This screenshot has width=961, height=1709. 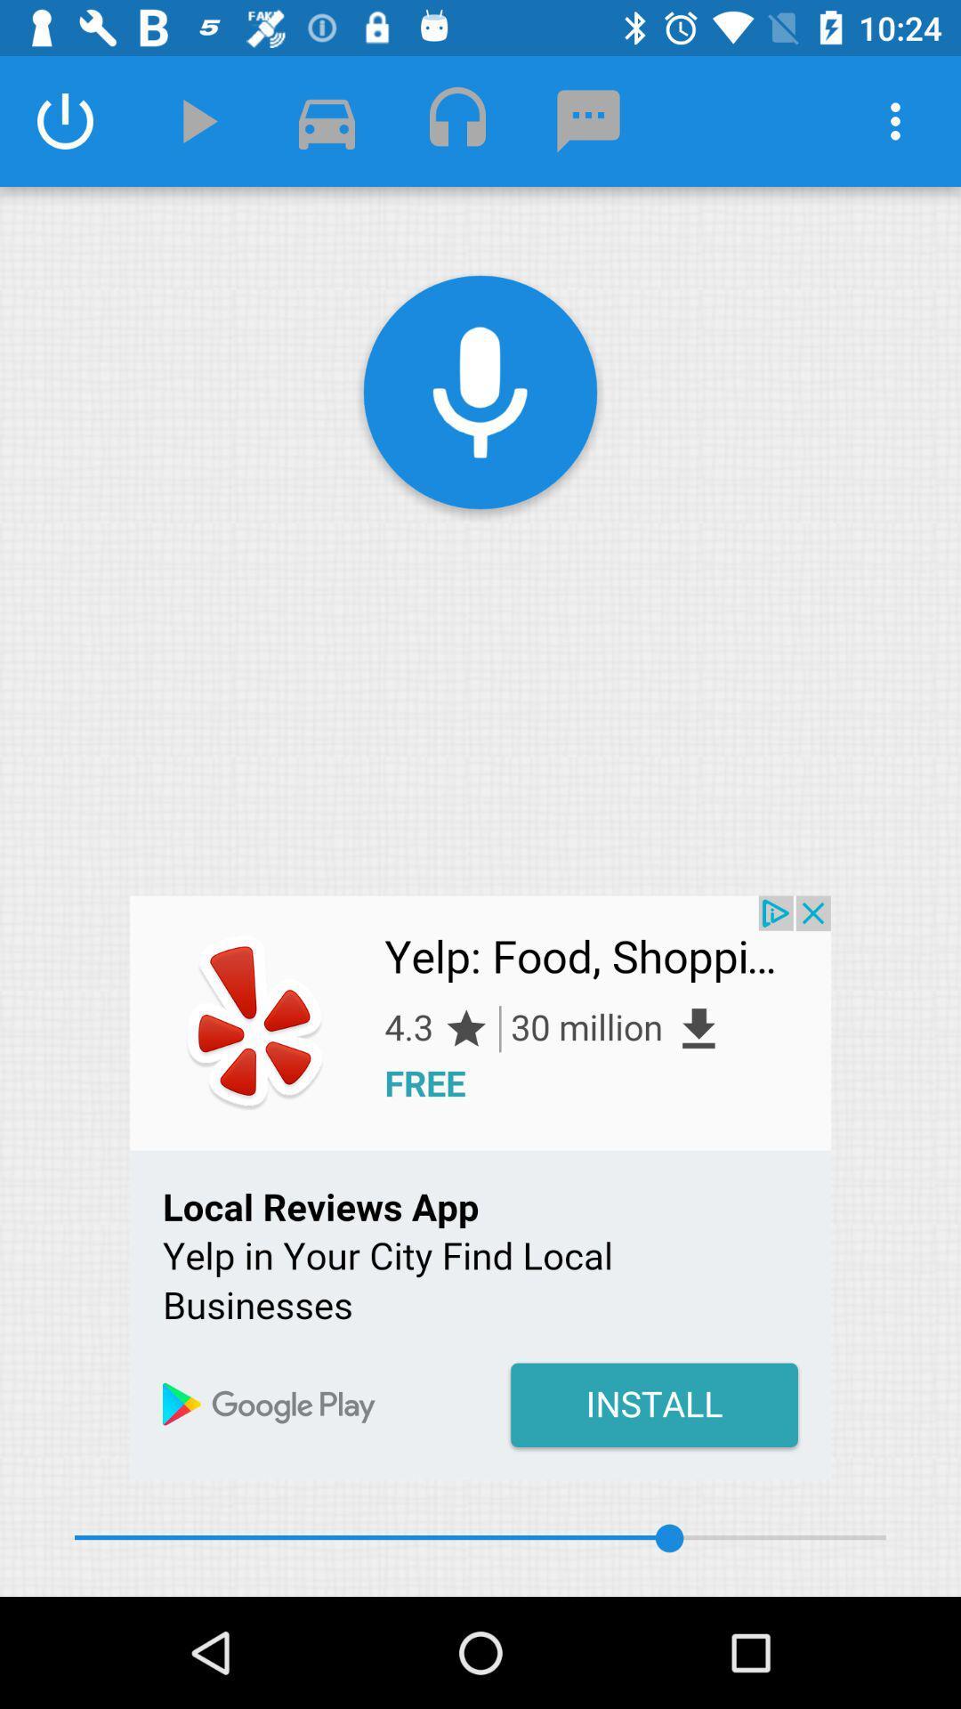 What do you see at coordinates (456, 120) in the screenshot?
I see `the lock icon` at bounding box center [456, 120].